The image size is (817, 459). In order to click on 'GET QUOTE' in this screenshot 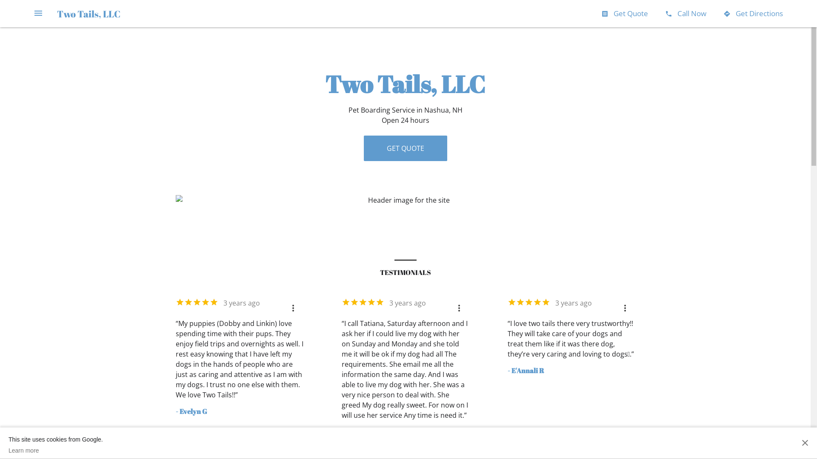, I will do `click(404, 147)`.